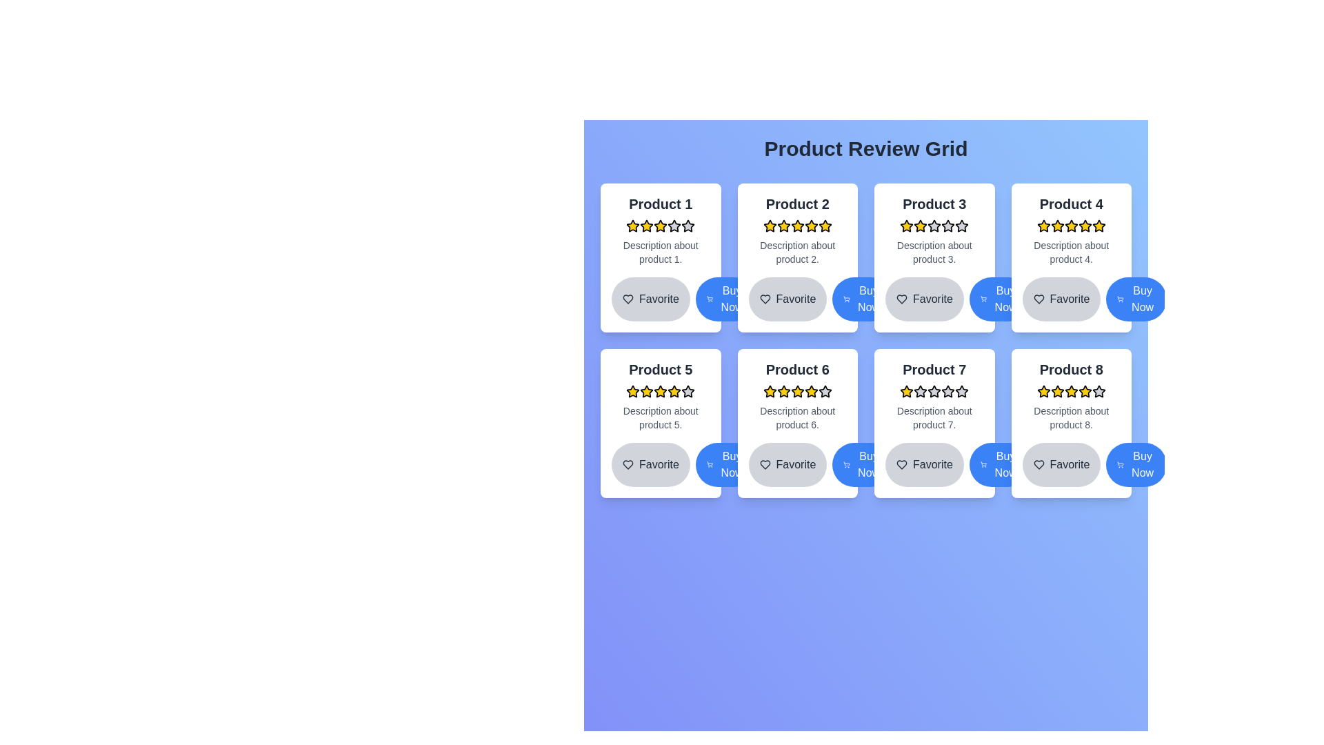 This screenshot has height=745, width=1324. Describe the element at coordinates (660, 204) in the screenshot. I see `the product title text located in the top-left corner of the product card, above the rating section and product description` at that location.